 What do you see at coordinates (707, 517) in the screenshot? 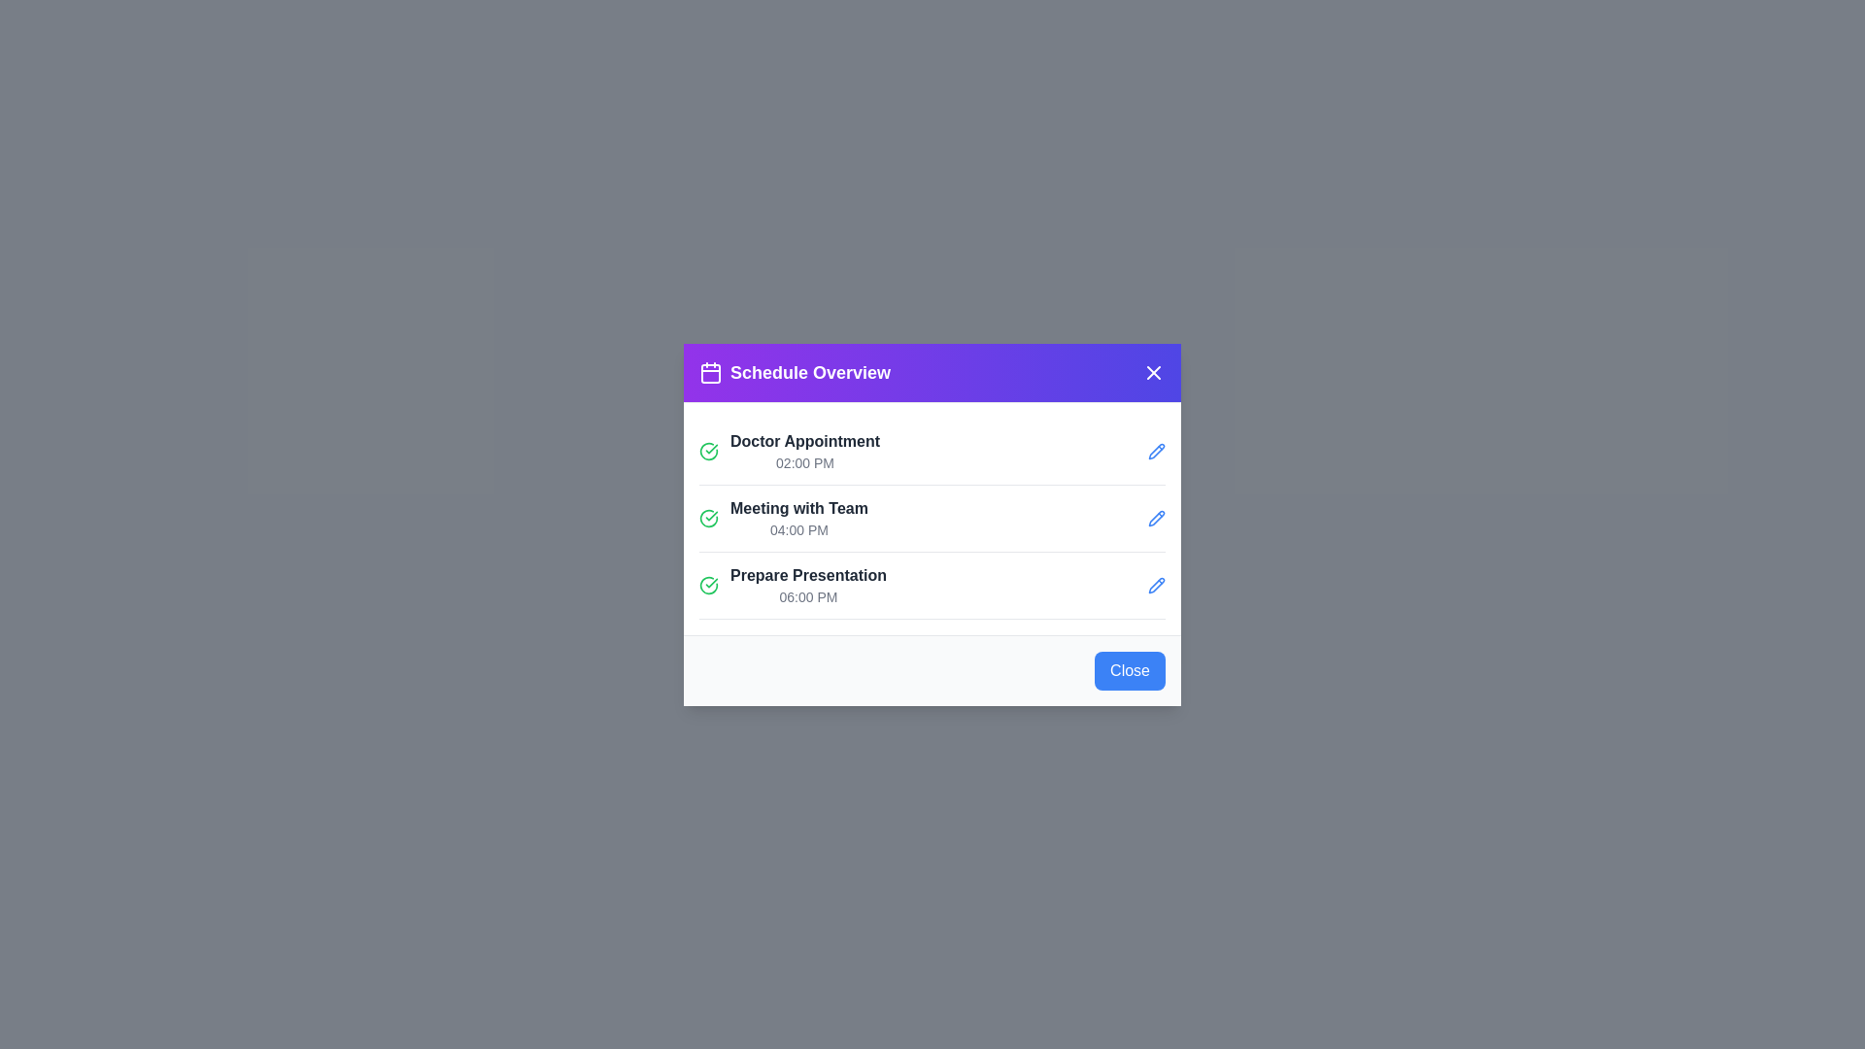
I see `the circular check icon located to the left of the 'Doctor Appointment' text in the first list item of the 'Schedule Overview' dialog box` at bounding box center [707, 517].